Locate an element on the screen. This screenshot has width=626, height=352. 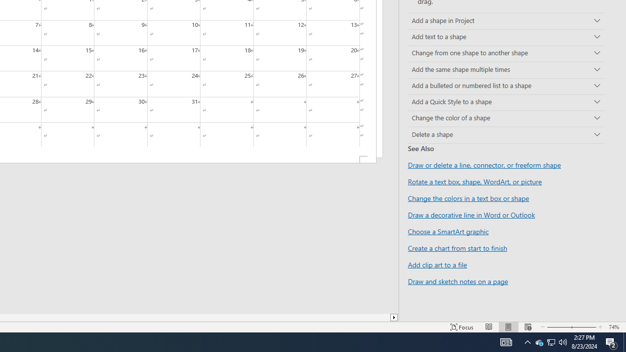
'Add a Quick Style to a shape' is located at coordinates (506, 102).